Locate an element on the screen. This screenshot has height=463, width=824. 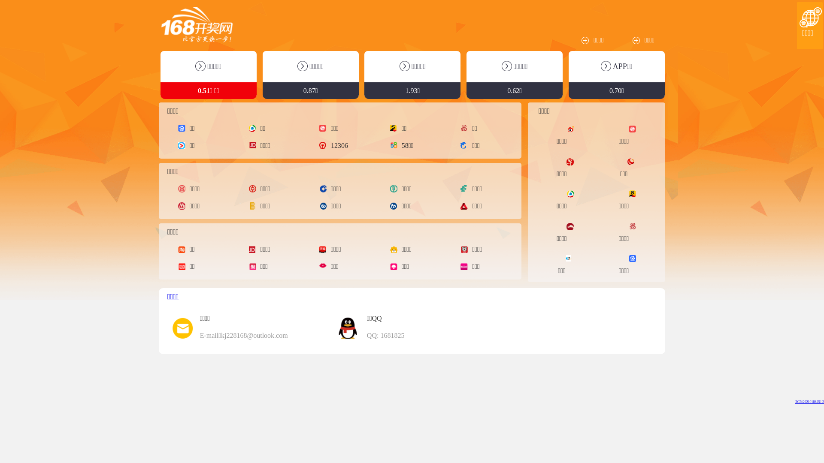
'12306' is located at coordinates (323, 145).